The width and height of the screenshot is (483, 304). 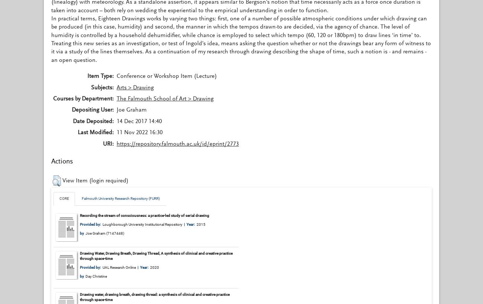 What do you see at coordinates (155, 297) in the screenshot?
I see `'Drawing water, drawing breath, drawing thread: a synthesis of clinical and creative practice through space-time'` at bounding box center [155, 297].